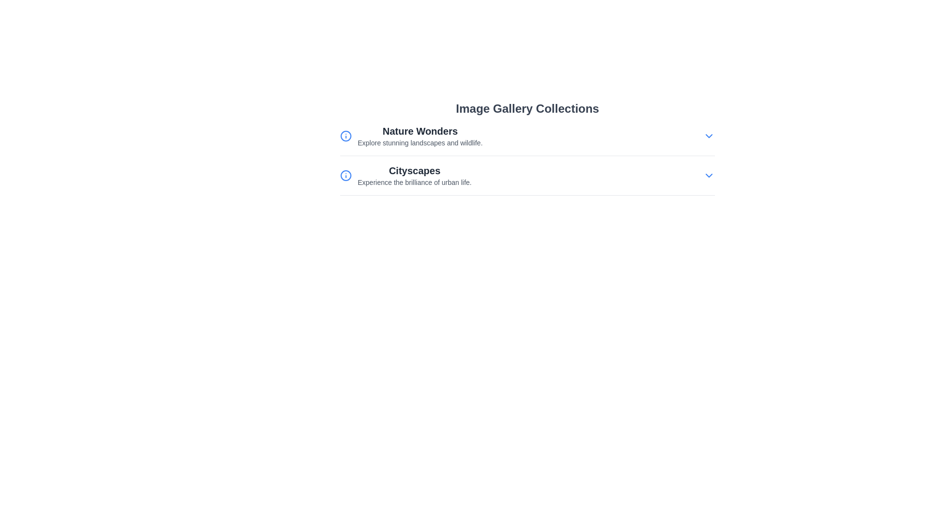 Image resolution: width=937 pixels, height=527 pixels. I want to click on the bold and prominent text header displaying 'Cityscapes', which is styled with a larger font size and dark gray color, positioned at the top of its section and above a smaller descriptive text, so click(414, 170).